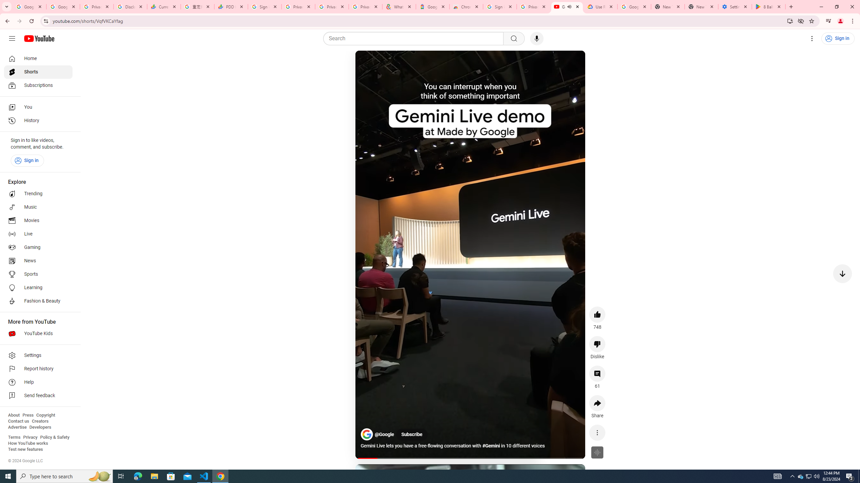 The image size is (860, 483). I want to click on 'Subscribe', so click(412, 434).